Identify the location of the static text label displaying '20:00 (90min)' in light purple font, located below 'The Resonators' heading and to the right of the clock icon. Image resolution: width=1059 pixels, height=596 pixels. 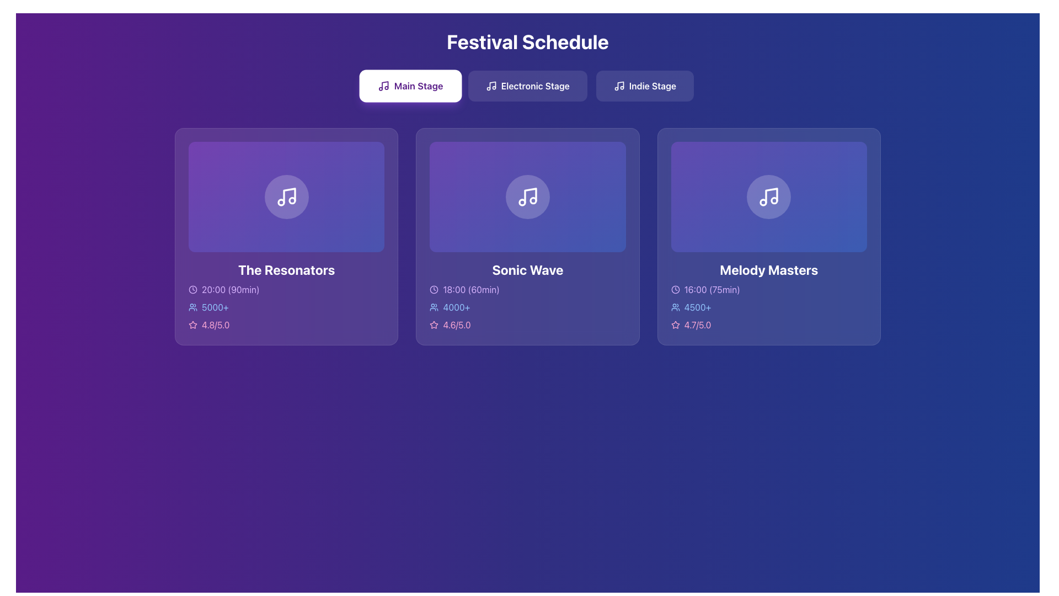
(230, 289).